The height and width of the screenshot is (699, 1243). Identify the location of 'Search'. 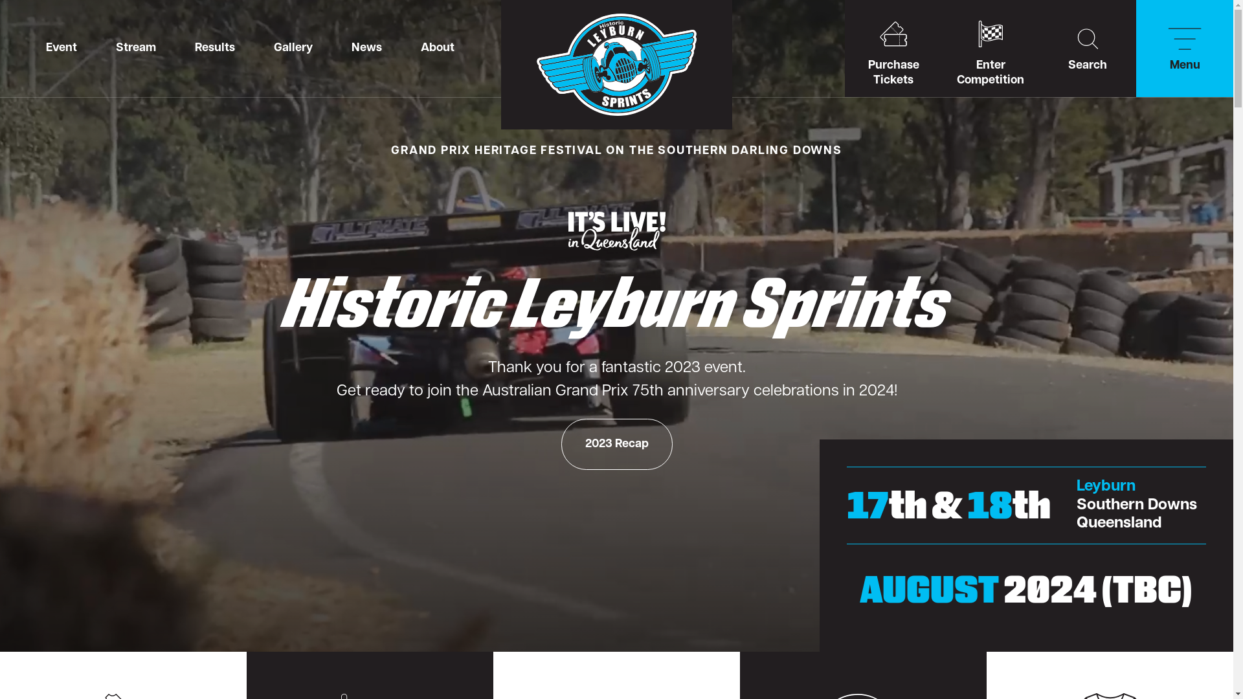
(1038, 47).